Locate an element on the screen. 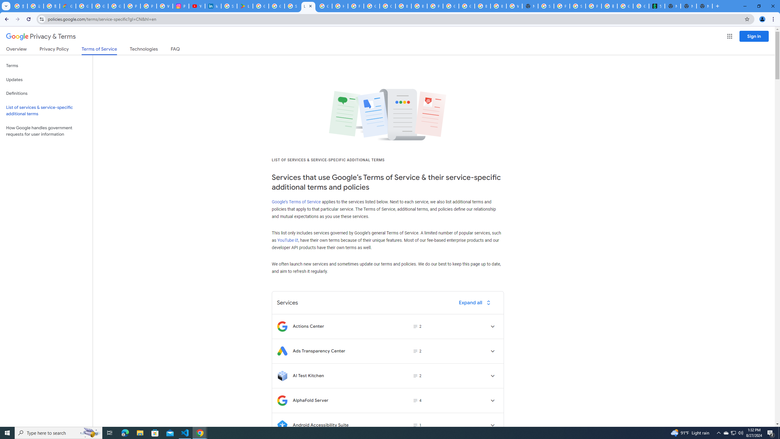 This screenshot has height=439, width=780. 'Reload' is located at coordinates (28, 19).